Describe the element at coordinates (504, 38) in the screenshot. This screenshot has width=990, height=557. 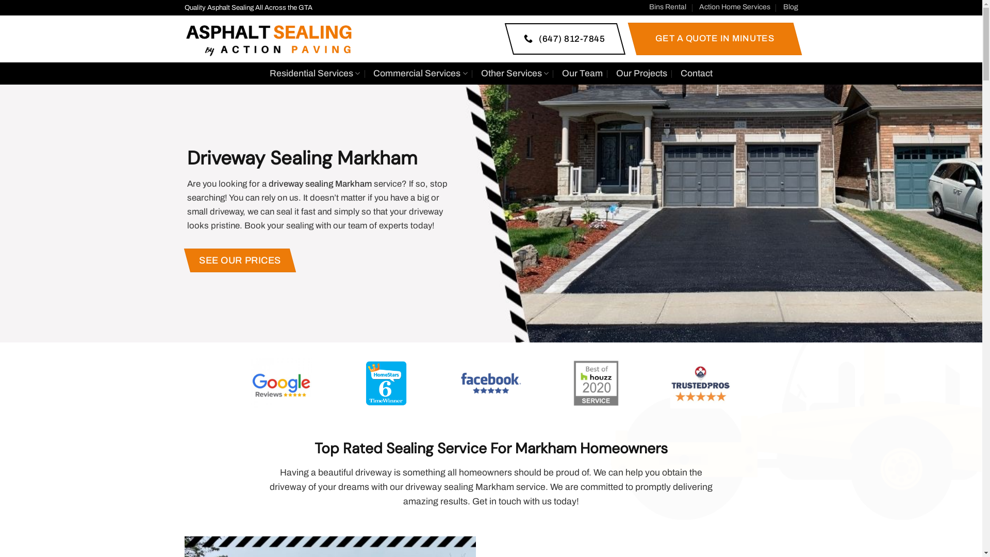
I see `'(647) 812-7845'` at that location.